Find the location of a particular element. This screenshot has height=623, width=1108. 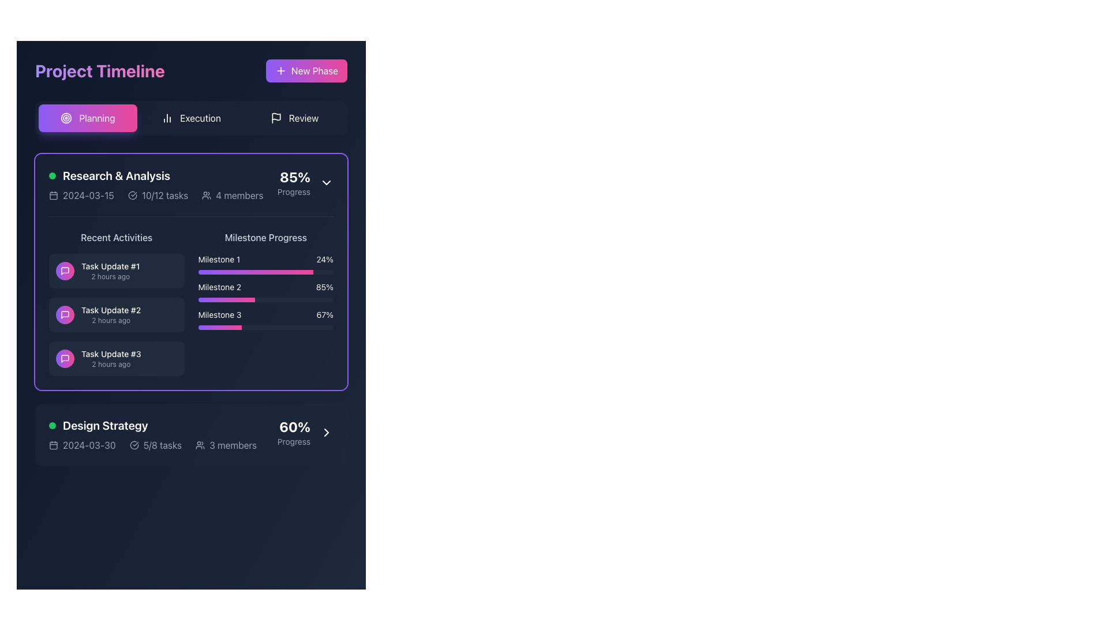

the text block displaying '60%' and 'Progress', which is aligned to the right and located at the bottom right corner of the 'Design Strategy' section is located at coordinates (294, 432).